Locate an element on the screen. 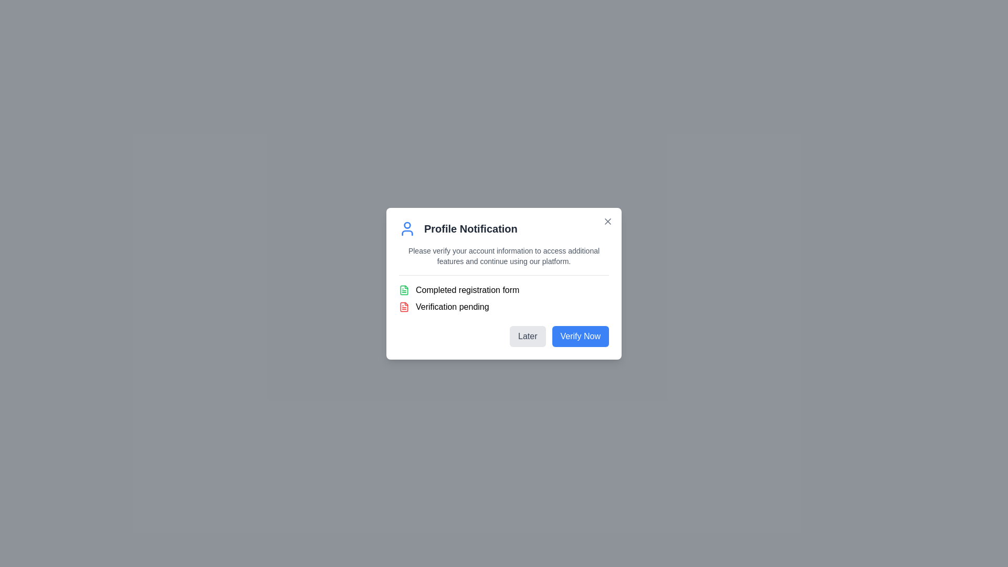  the green icon representing a document outline, located to the left of the text 'Completed registration form' in the 'Profile Notification' dialog box is located at coordinates (403, 290).